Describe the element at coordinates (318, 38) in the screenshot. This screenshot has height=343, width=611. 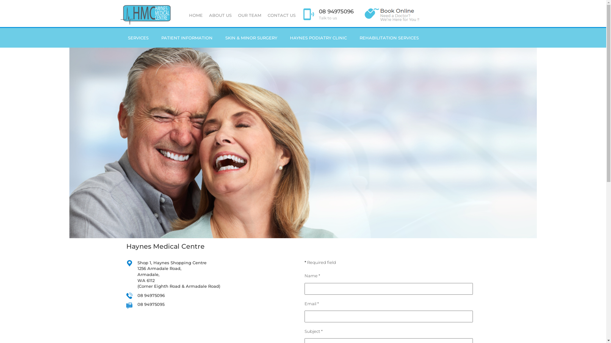
I see `'HAYNES PODIATRY CLINIC'` at that location.